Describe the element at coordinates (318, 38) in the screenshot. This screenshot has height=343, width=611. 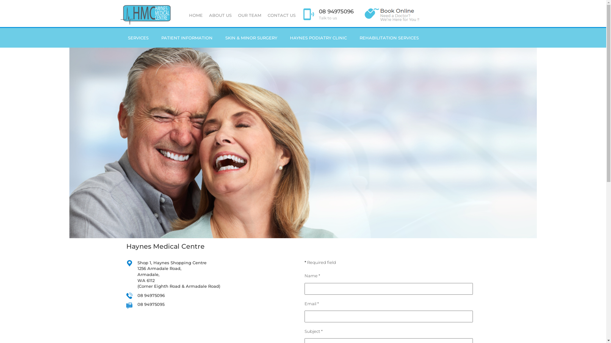
I see `'HAYNES PODIATRY CLINIC'` at that location.